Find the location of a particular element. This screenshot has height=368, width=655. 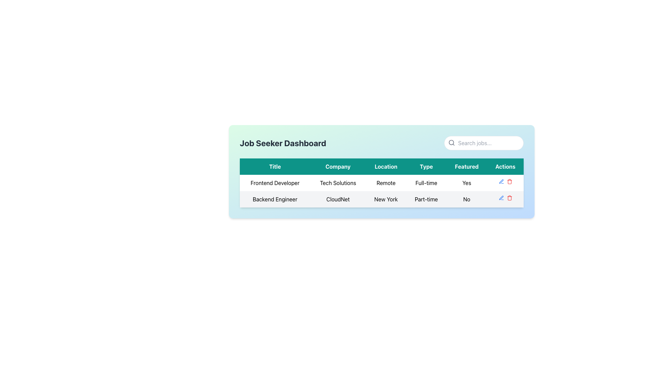

text 'New York' from the table cell located in the third column of the second row under the 'Location' header is located at coordinates (386, 199).